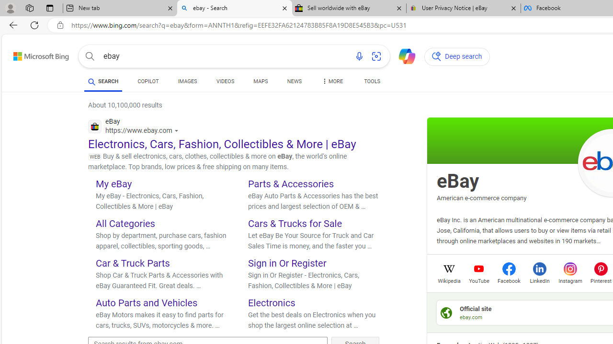 The width and height of the screenshot is (613, 344). Describe the element at coordinates (371, 81) in the screenshot. I see `'TOOLS'` at that location.